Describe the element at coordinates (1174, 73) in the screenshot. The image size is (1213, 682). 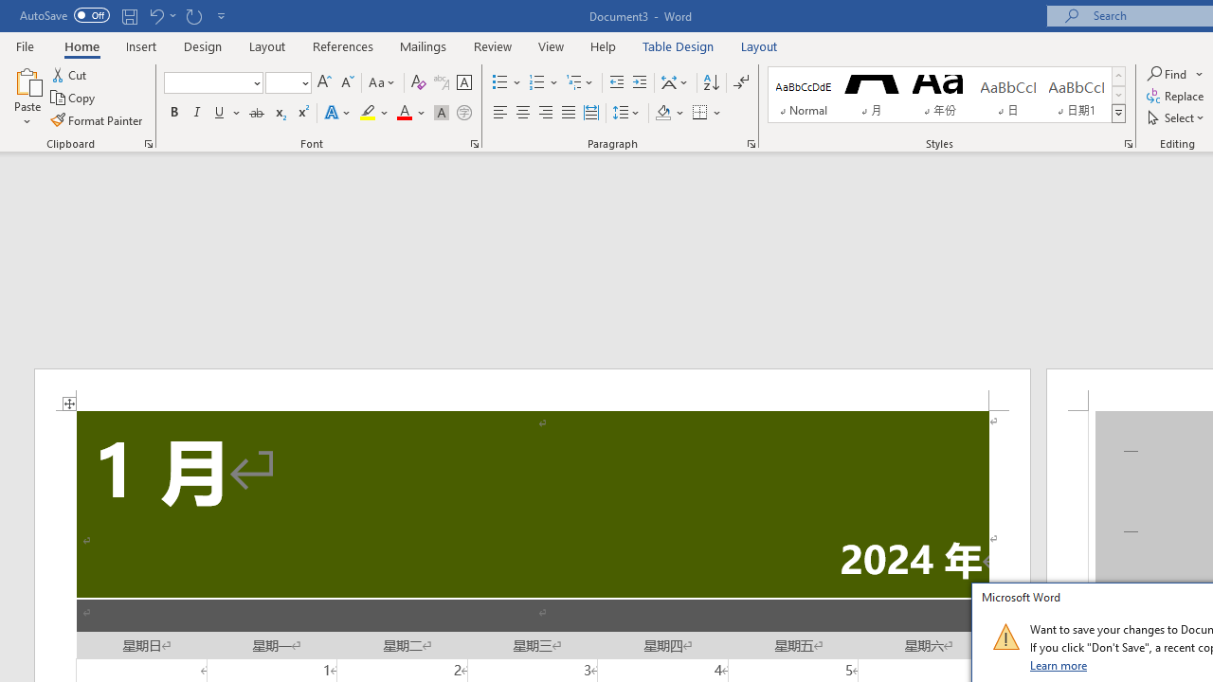
I see `'Find'` at that location.